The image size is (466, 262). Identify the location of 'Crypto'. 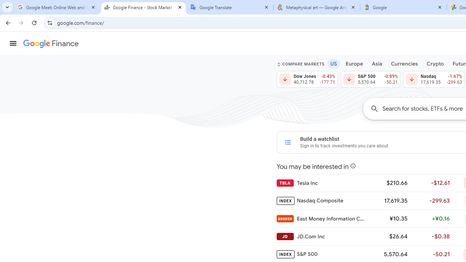
(435, 63).